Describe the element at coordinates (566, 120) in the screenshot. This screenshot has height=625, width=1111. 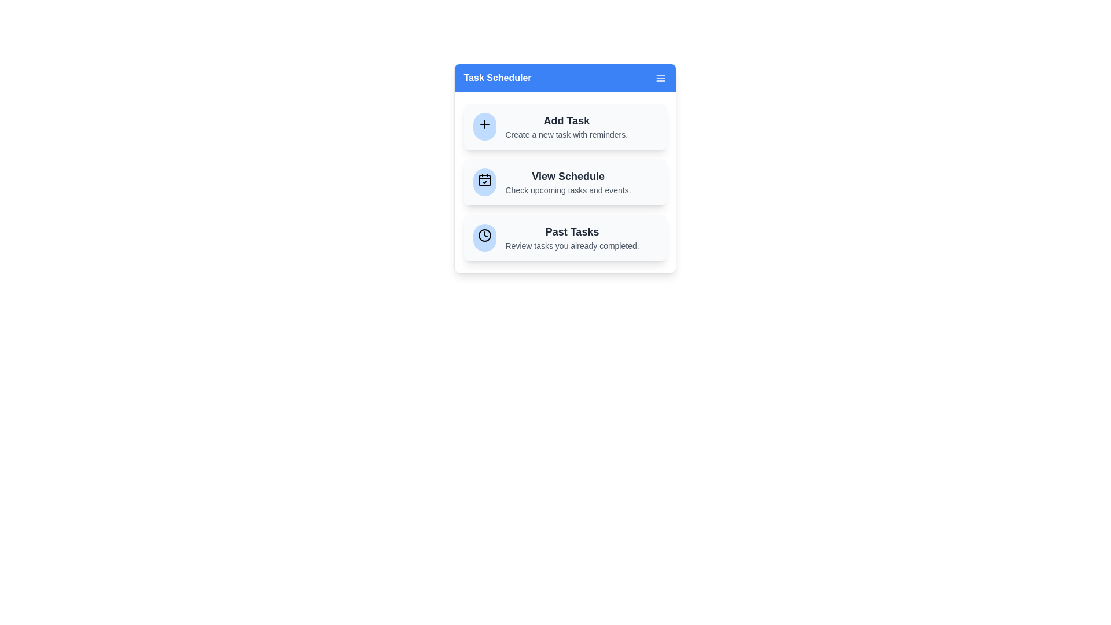
I see `the 'Add Task' button to initiate the creation of a new task` at that location.